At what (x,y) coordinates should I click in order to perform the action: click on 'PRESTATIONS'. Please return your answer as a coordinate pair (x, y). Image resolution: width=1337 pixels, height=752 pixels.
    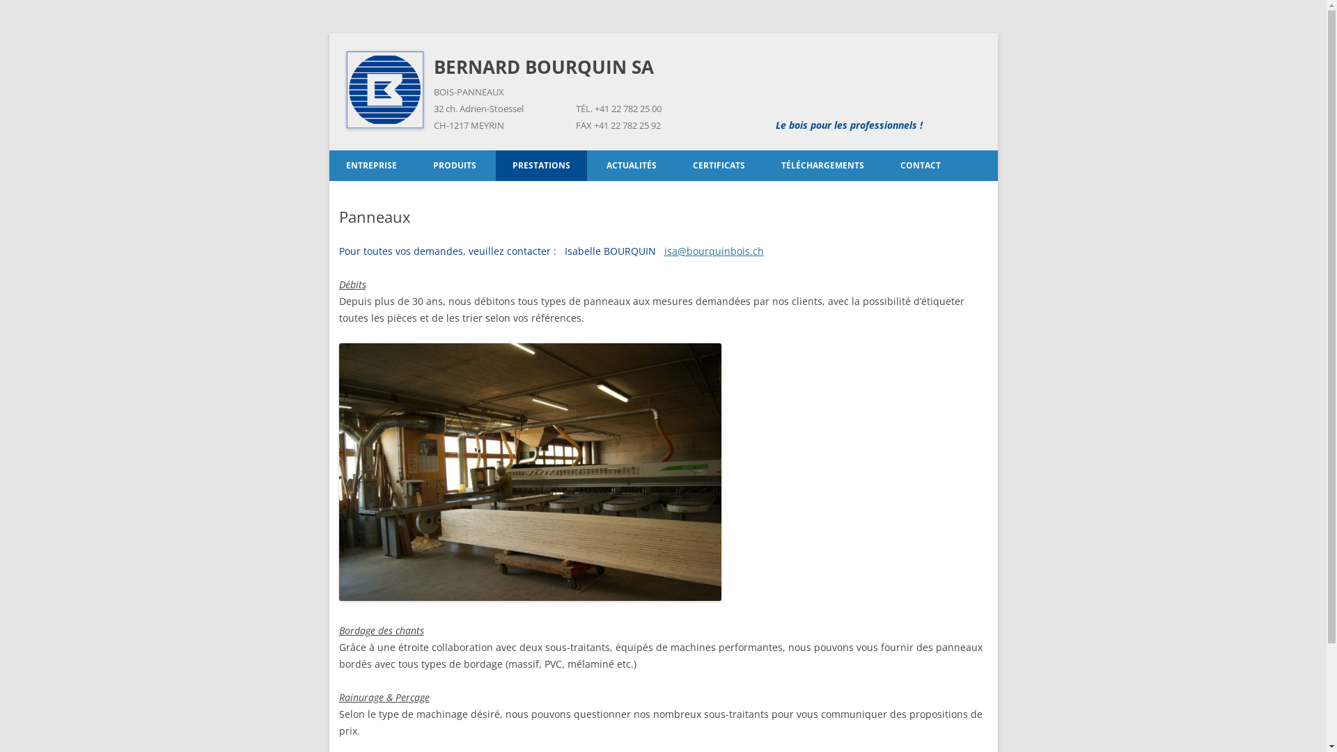
    Looking at the image, I should click on (540, 165).